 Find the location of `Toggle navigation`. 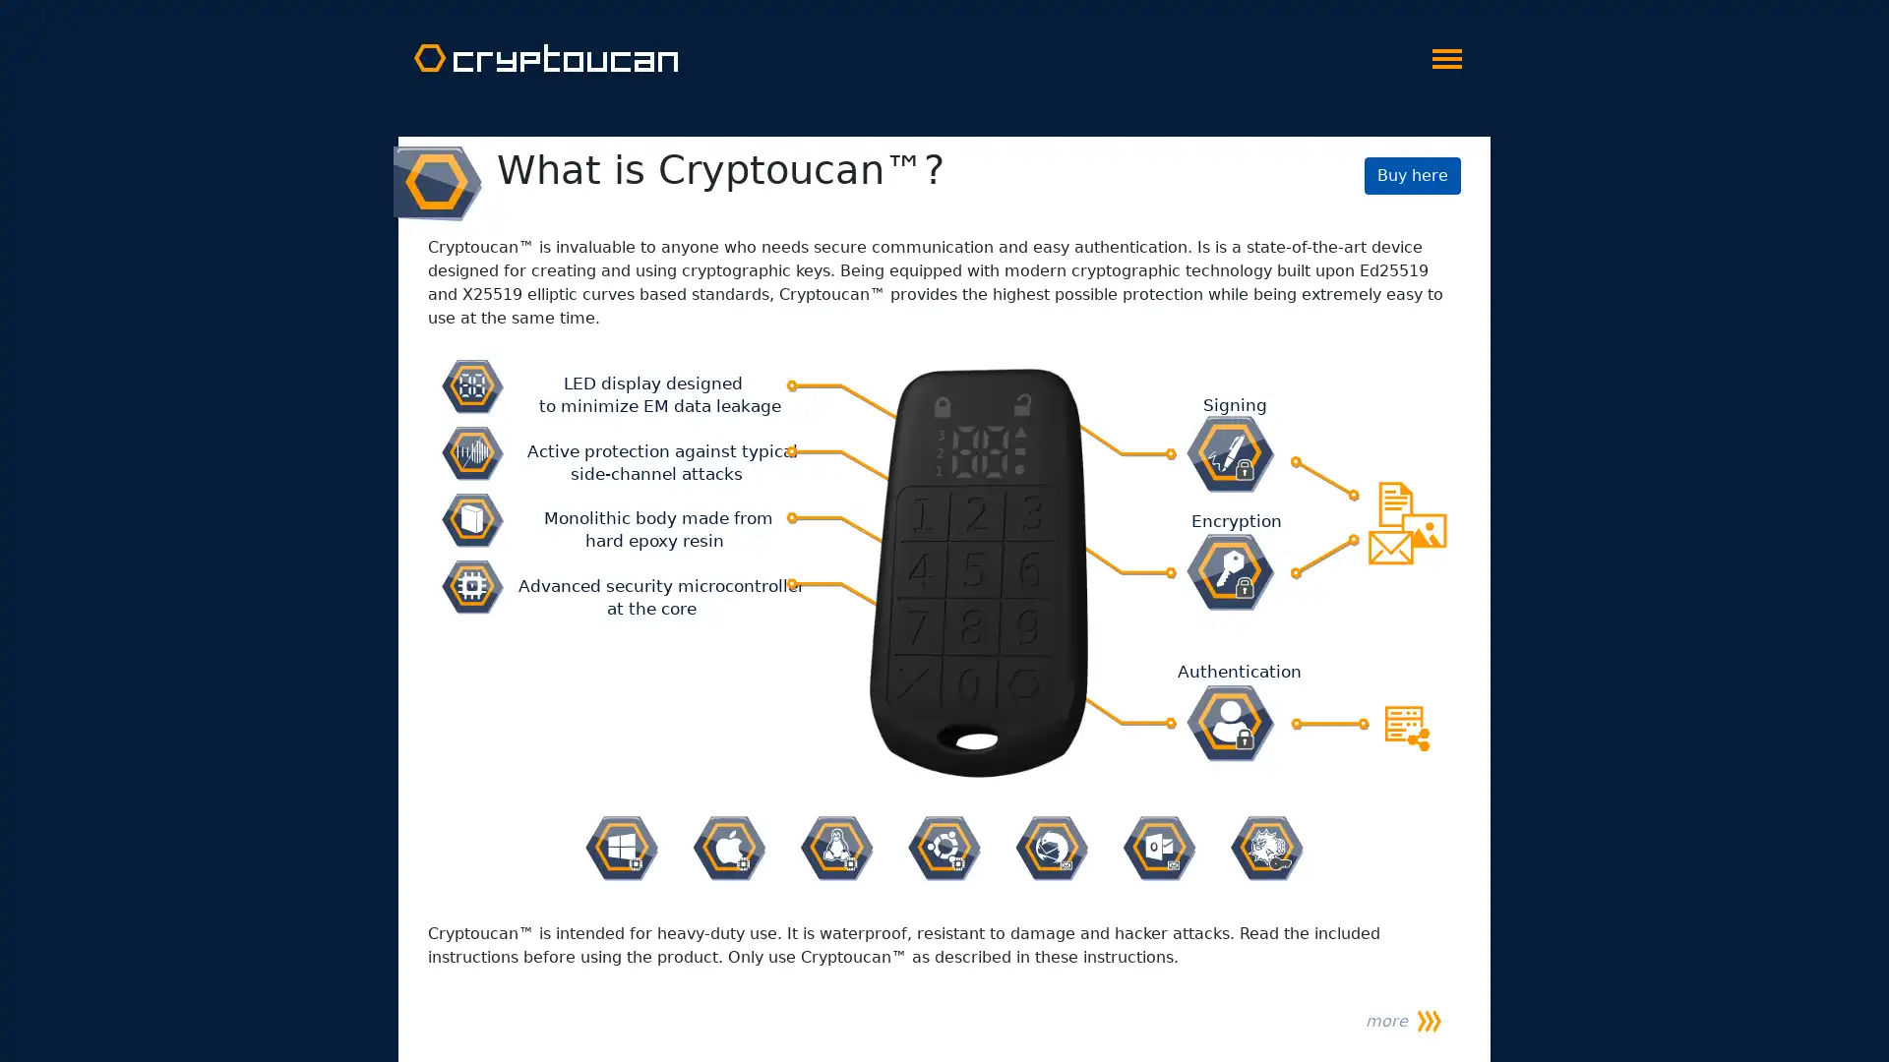

Toggle navigation is located at coordinates (1446, 52).